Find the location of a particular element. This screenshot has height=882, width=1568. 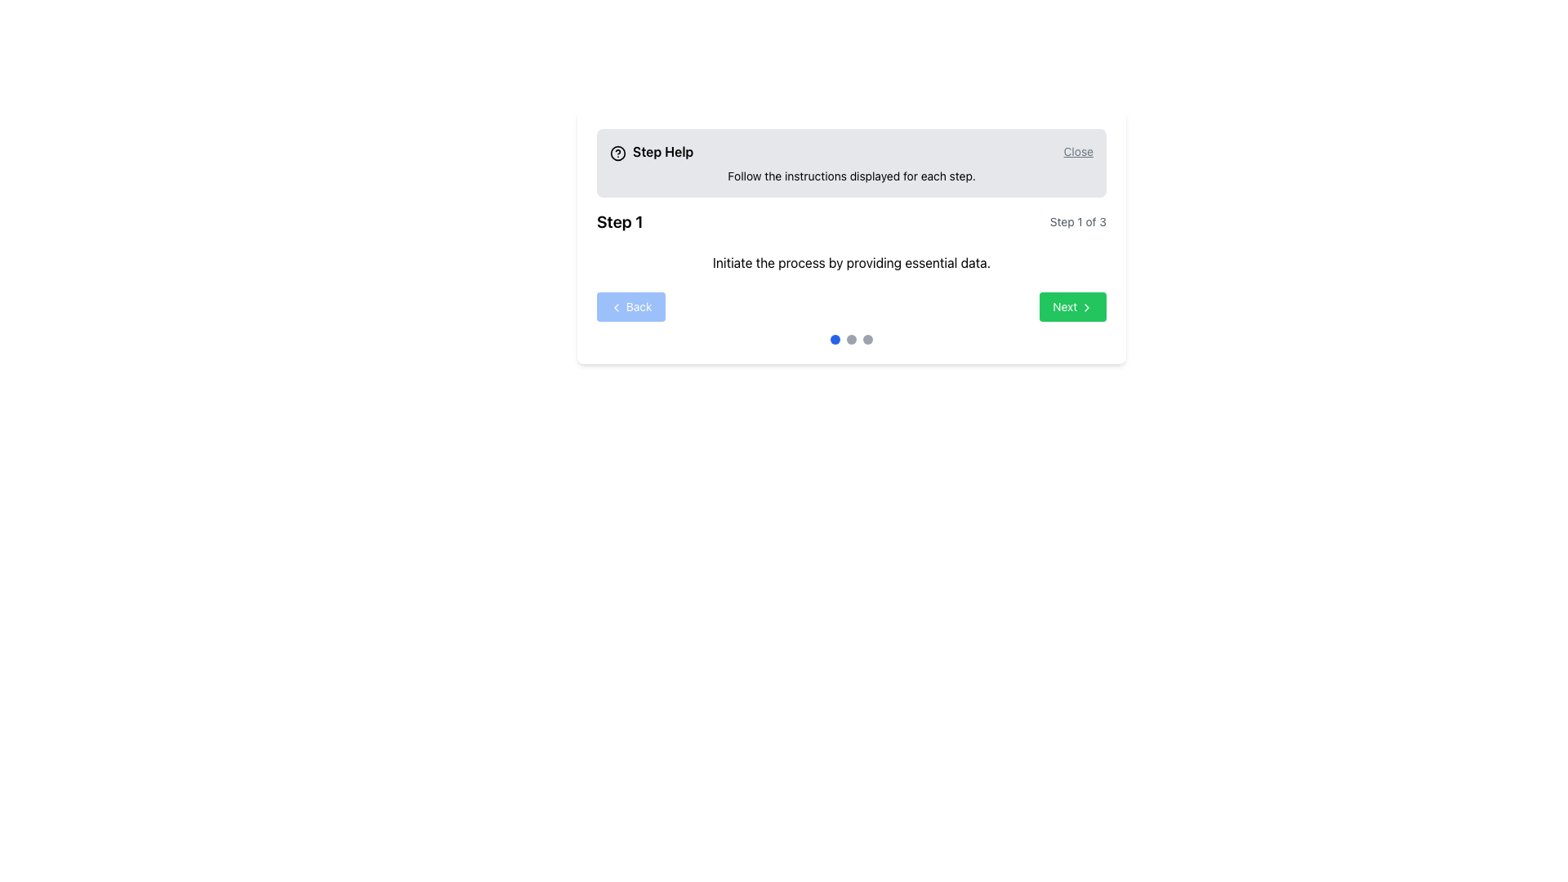

the second progress indicator in the set of three horizontally aligned circles located below the step display area is located at coordinates (850, 339).